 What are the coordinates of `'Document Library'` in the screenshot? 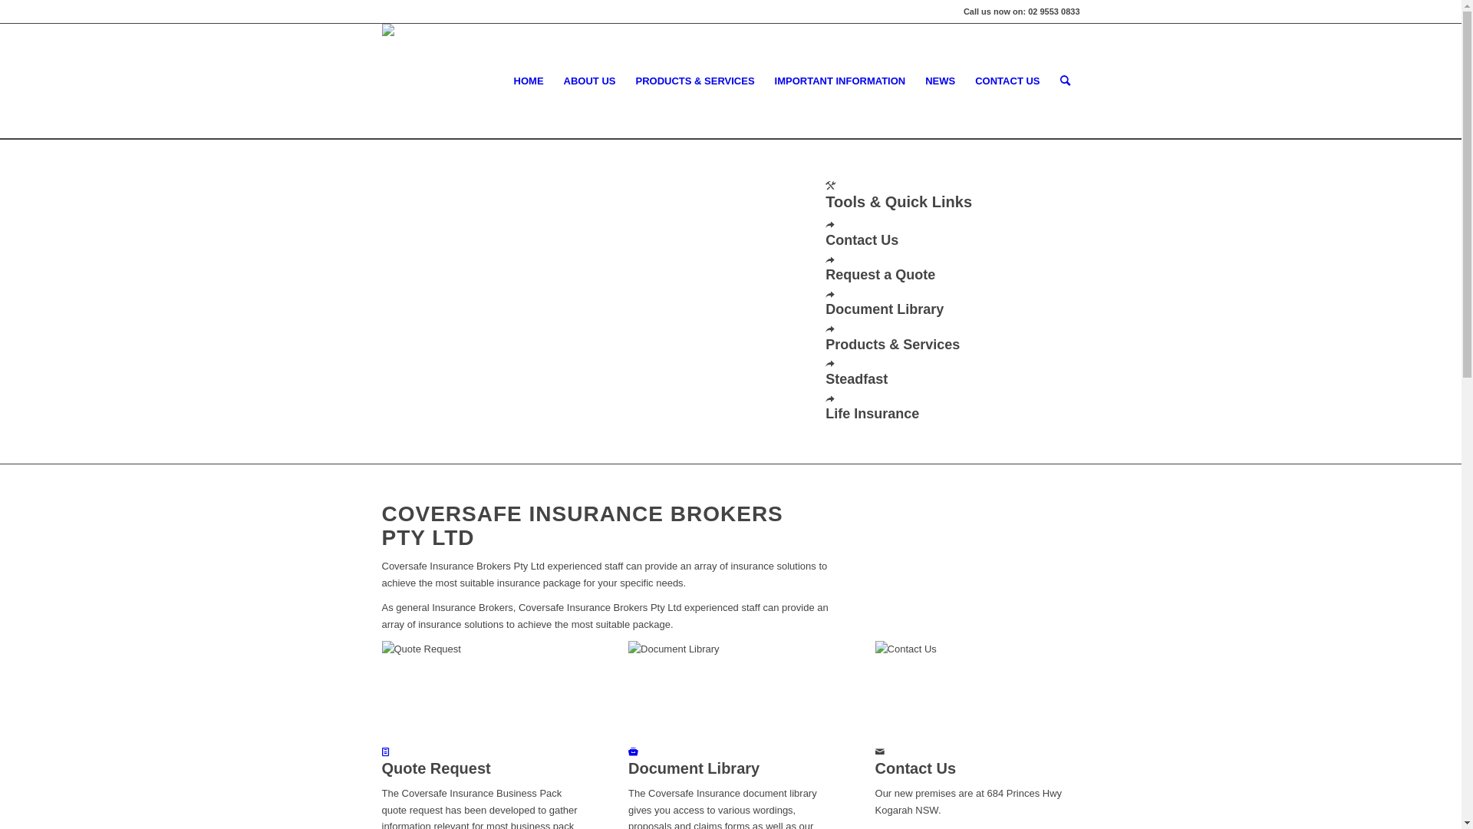 It's located at (628, 768).